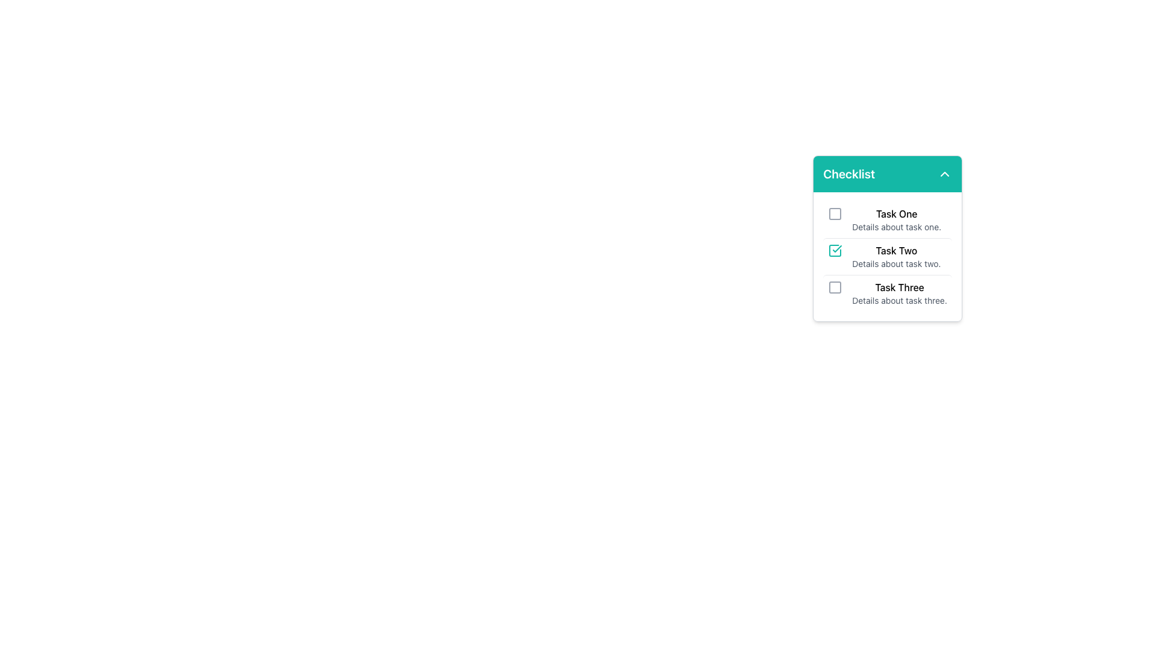  I want to click on the checkbox of the second checklist item located within the scrollable panel titled 'Checklist', so click(888, 239).